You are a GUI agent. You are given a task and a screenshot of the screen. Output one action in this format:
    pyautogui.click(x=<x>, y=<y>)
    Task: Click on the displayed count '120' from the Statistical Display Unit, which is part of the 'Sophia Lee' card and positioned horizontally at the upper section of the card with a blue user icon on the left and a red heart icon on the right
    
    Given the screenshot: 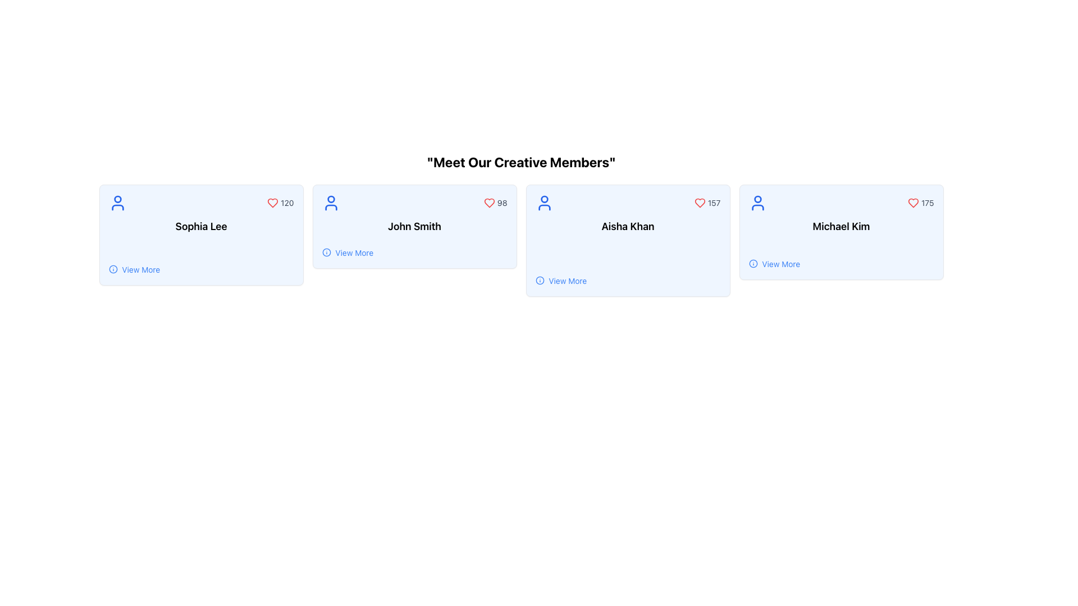 What is the action you would take?
    pyautogui.click(x=201, y=203)
    